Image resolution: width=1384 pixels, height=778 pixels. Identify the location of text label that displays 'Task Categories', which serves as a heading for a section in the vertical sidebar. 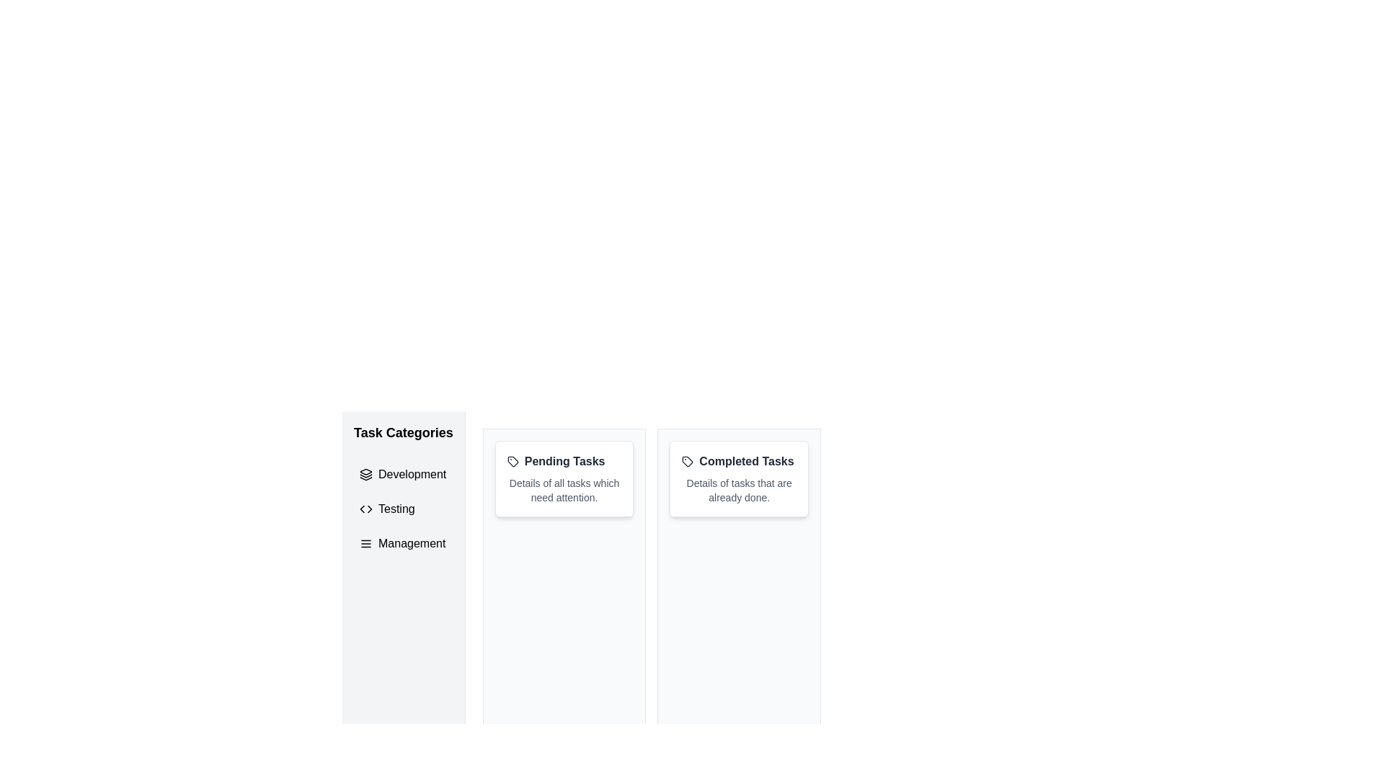
(403, 432).